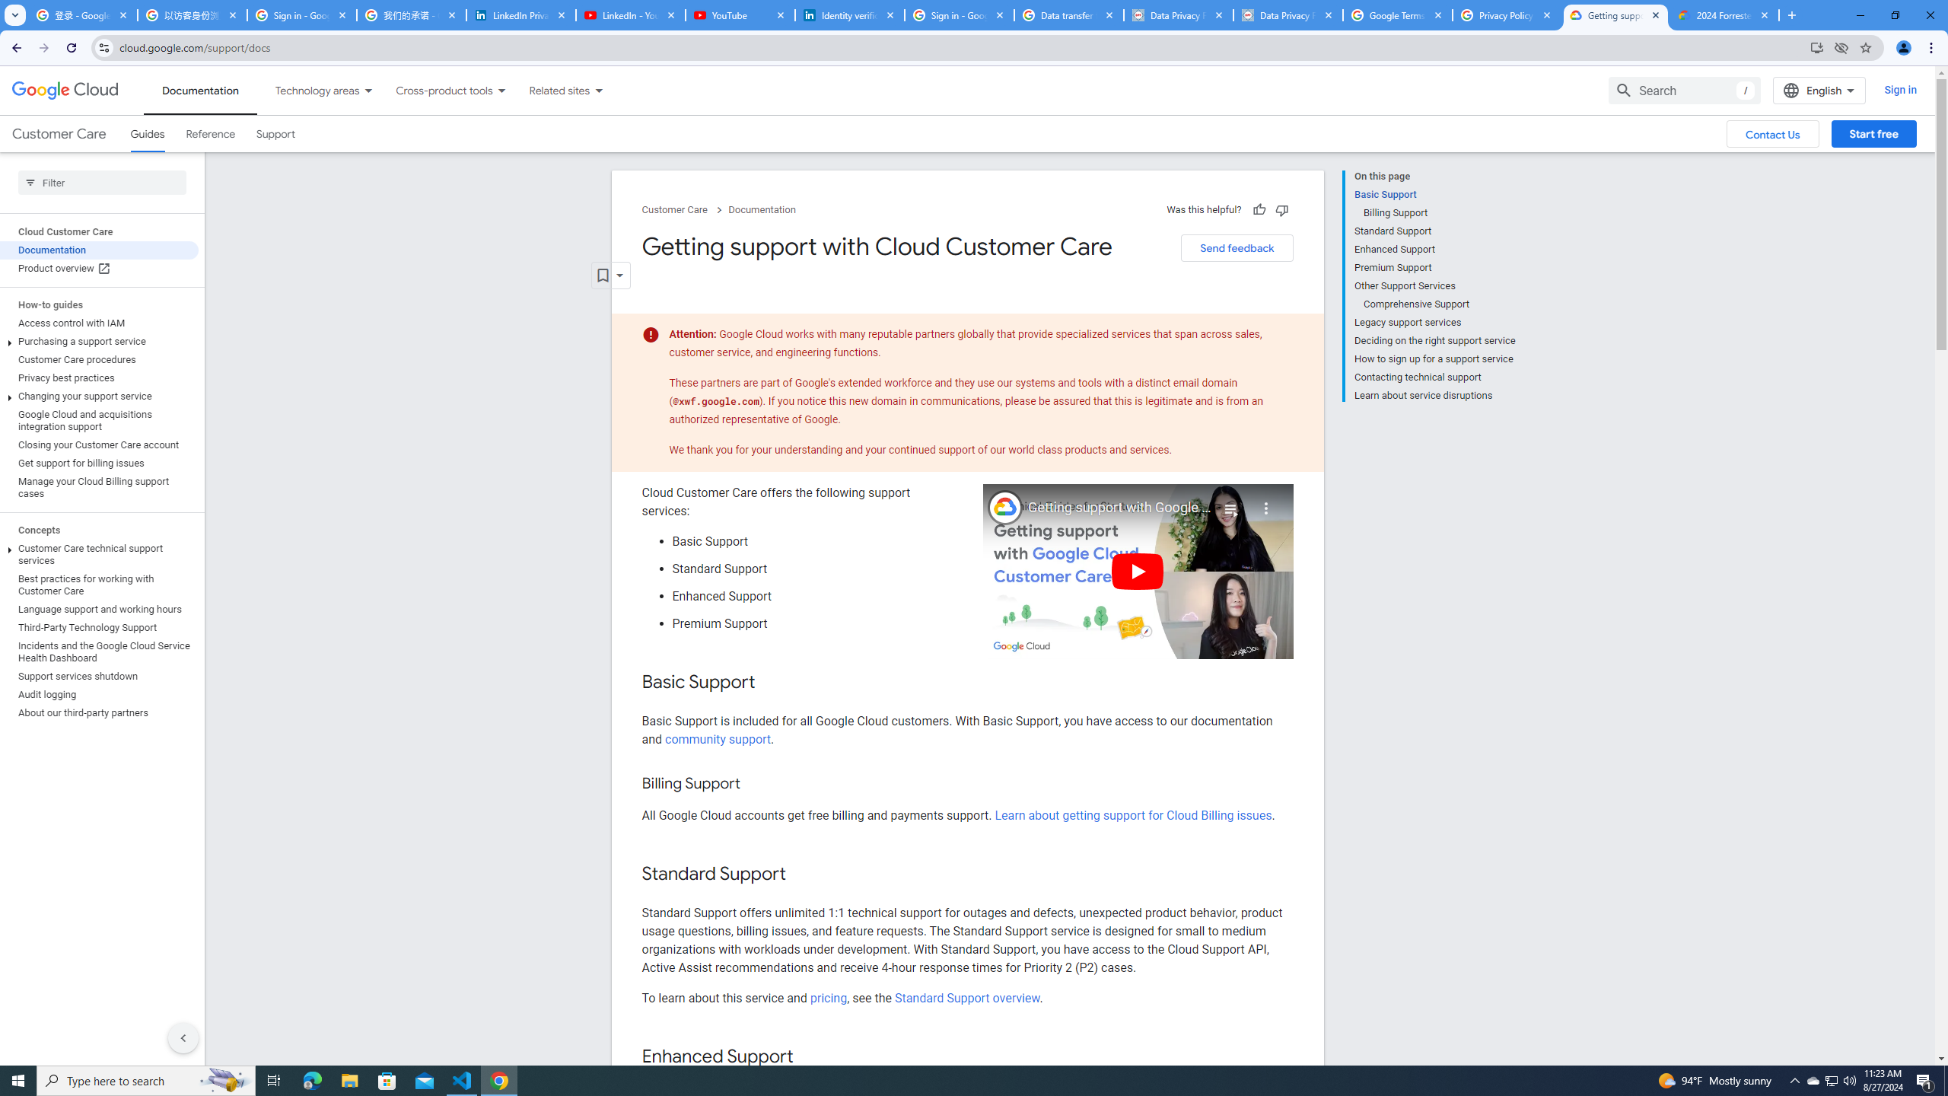  I want to click on 'Manage your Cloud Billing support cases', so click(99, 486).